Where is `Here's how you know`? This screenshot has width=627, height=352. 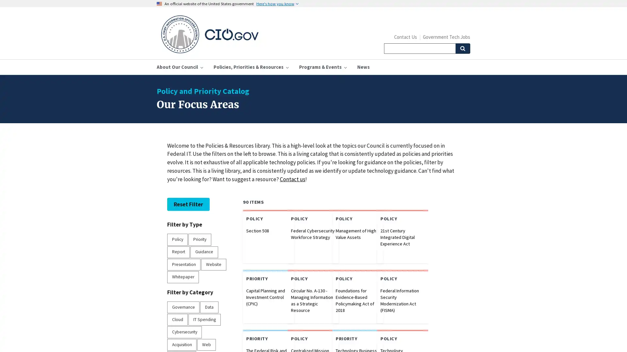
Here's how you know is located at coordinates (277, 4).